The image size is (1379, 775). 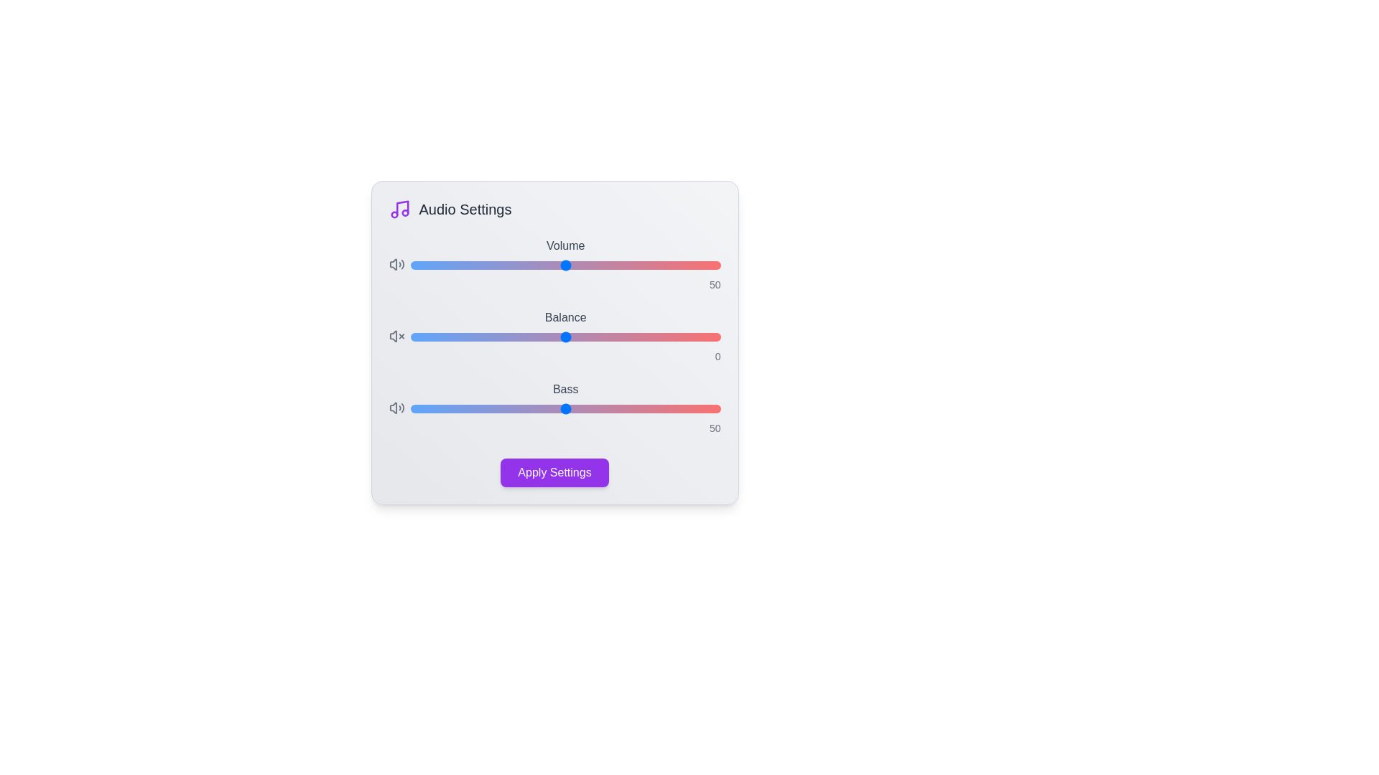 I want to click on the 'Volume' slider to set the volume level to 13, so click(x=450, y=266).